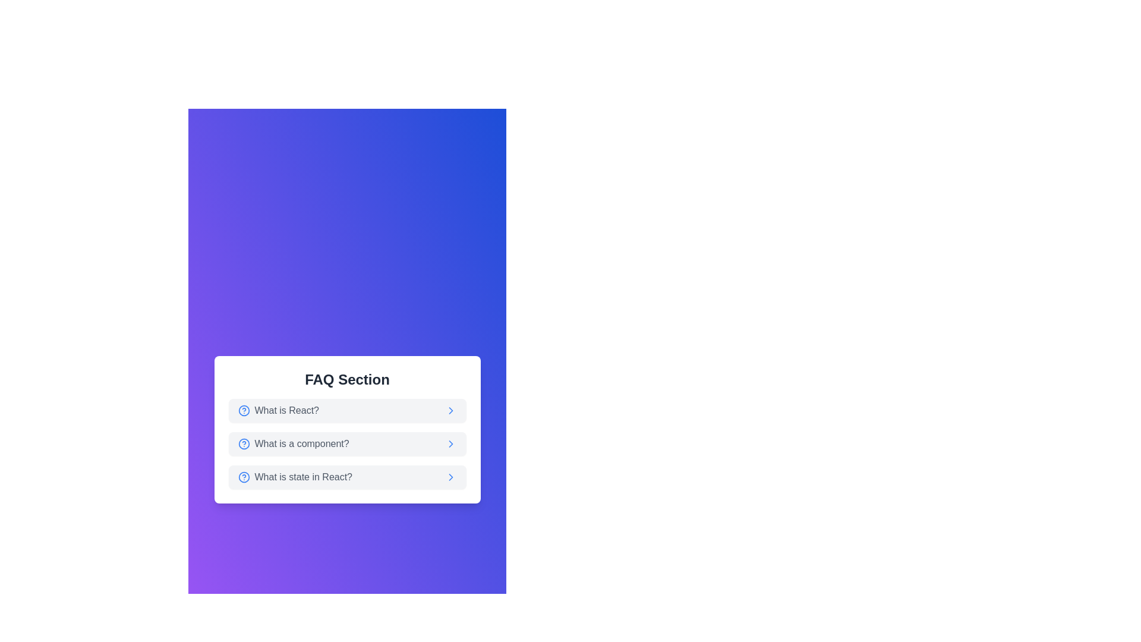 The image size is (1141, 642). What do you see at coordinates (278, 410) in the screenshot?
I see `the FAQ item text label with icon located at the top of the FAQ section` at bounding box center [278, 410].